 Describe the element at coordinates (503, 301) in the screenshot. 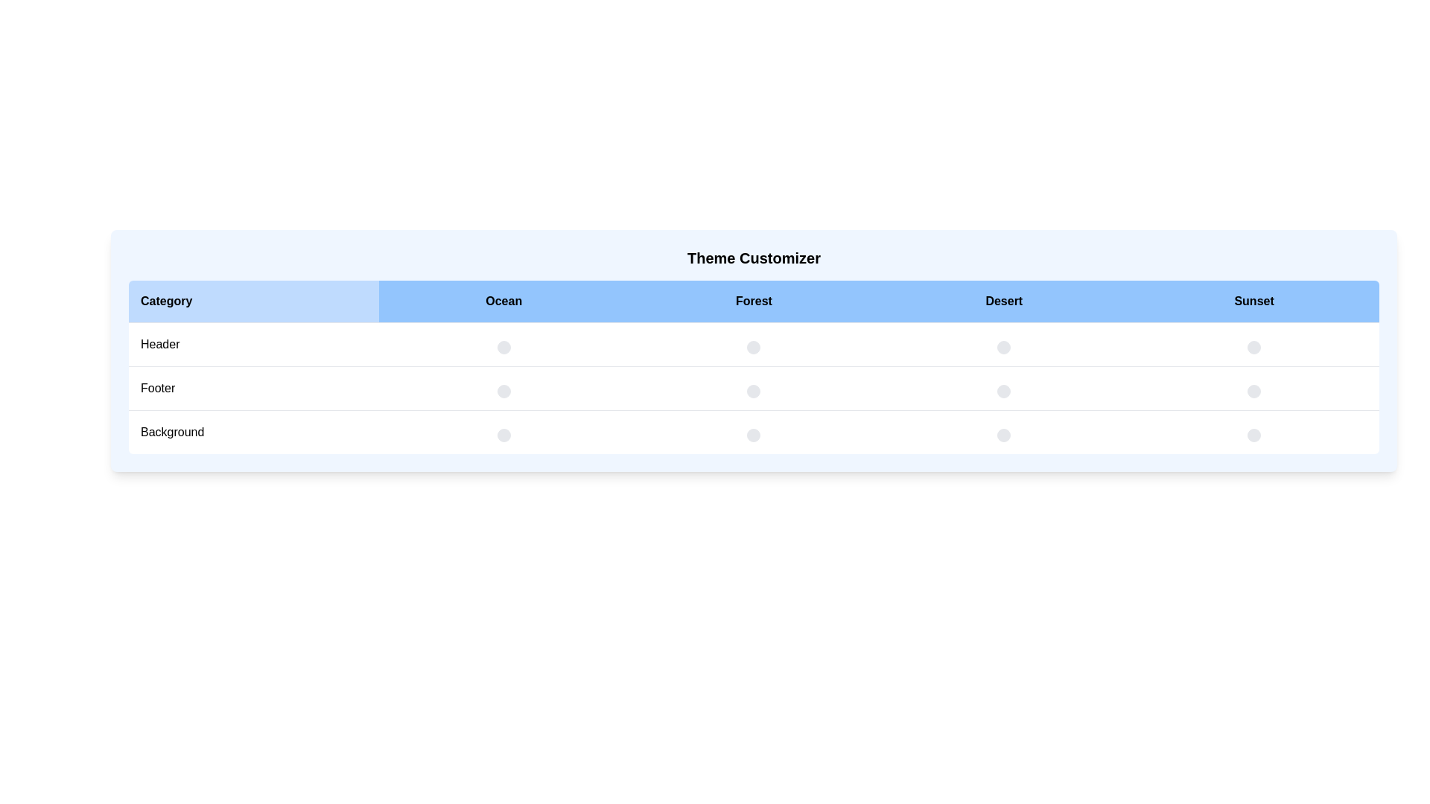

I see `the 'Ocean' tab, which is a rectangular area with a light blue background and centered black text, positioned between the 'Category' and 'Forest' elements` at that location.